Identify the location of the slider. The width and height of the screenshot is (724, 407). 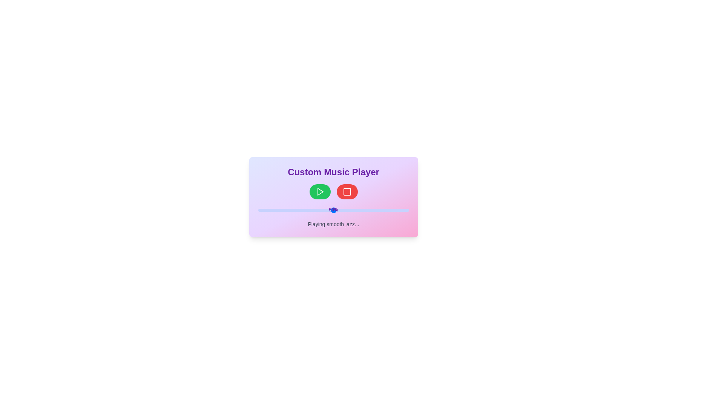
(337, 210).